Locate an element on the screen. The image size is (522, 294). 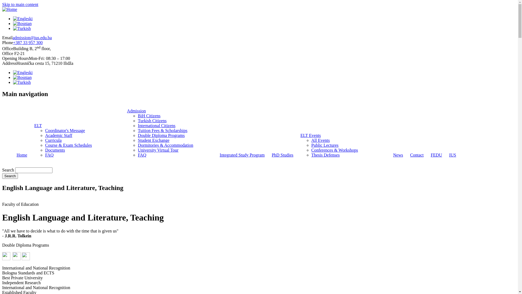
'Bosnian' is located at coordinates (22, 78).